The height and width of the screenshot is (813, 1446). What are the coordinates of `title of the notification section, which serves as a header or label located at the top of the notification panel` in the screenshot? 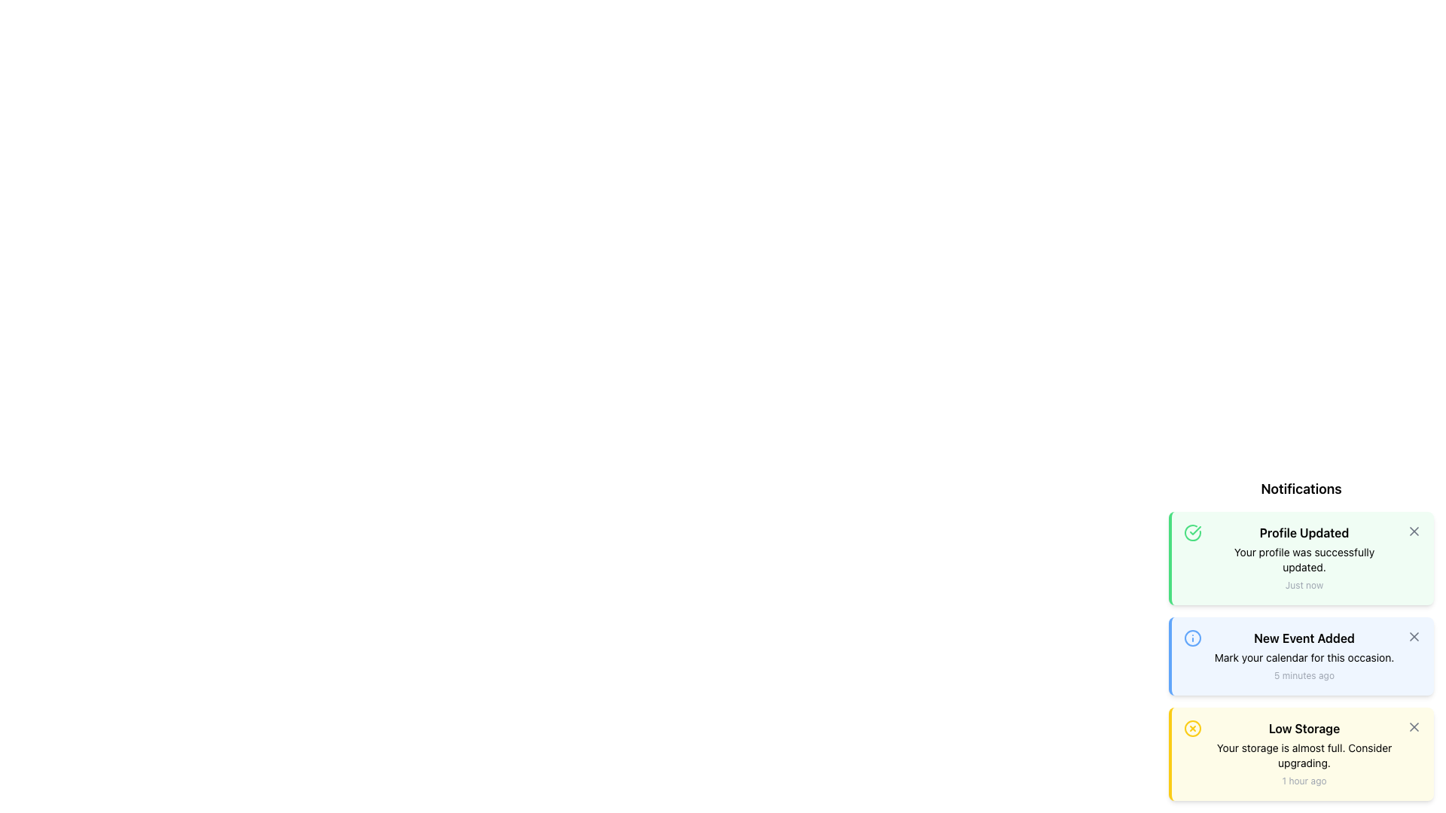 It's located at (1301, 489).